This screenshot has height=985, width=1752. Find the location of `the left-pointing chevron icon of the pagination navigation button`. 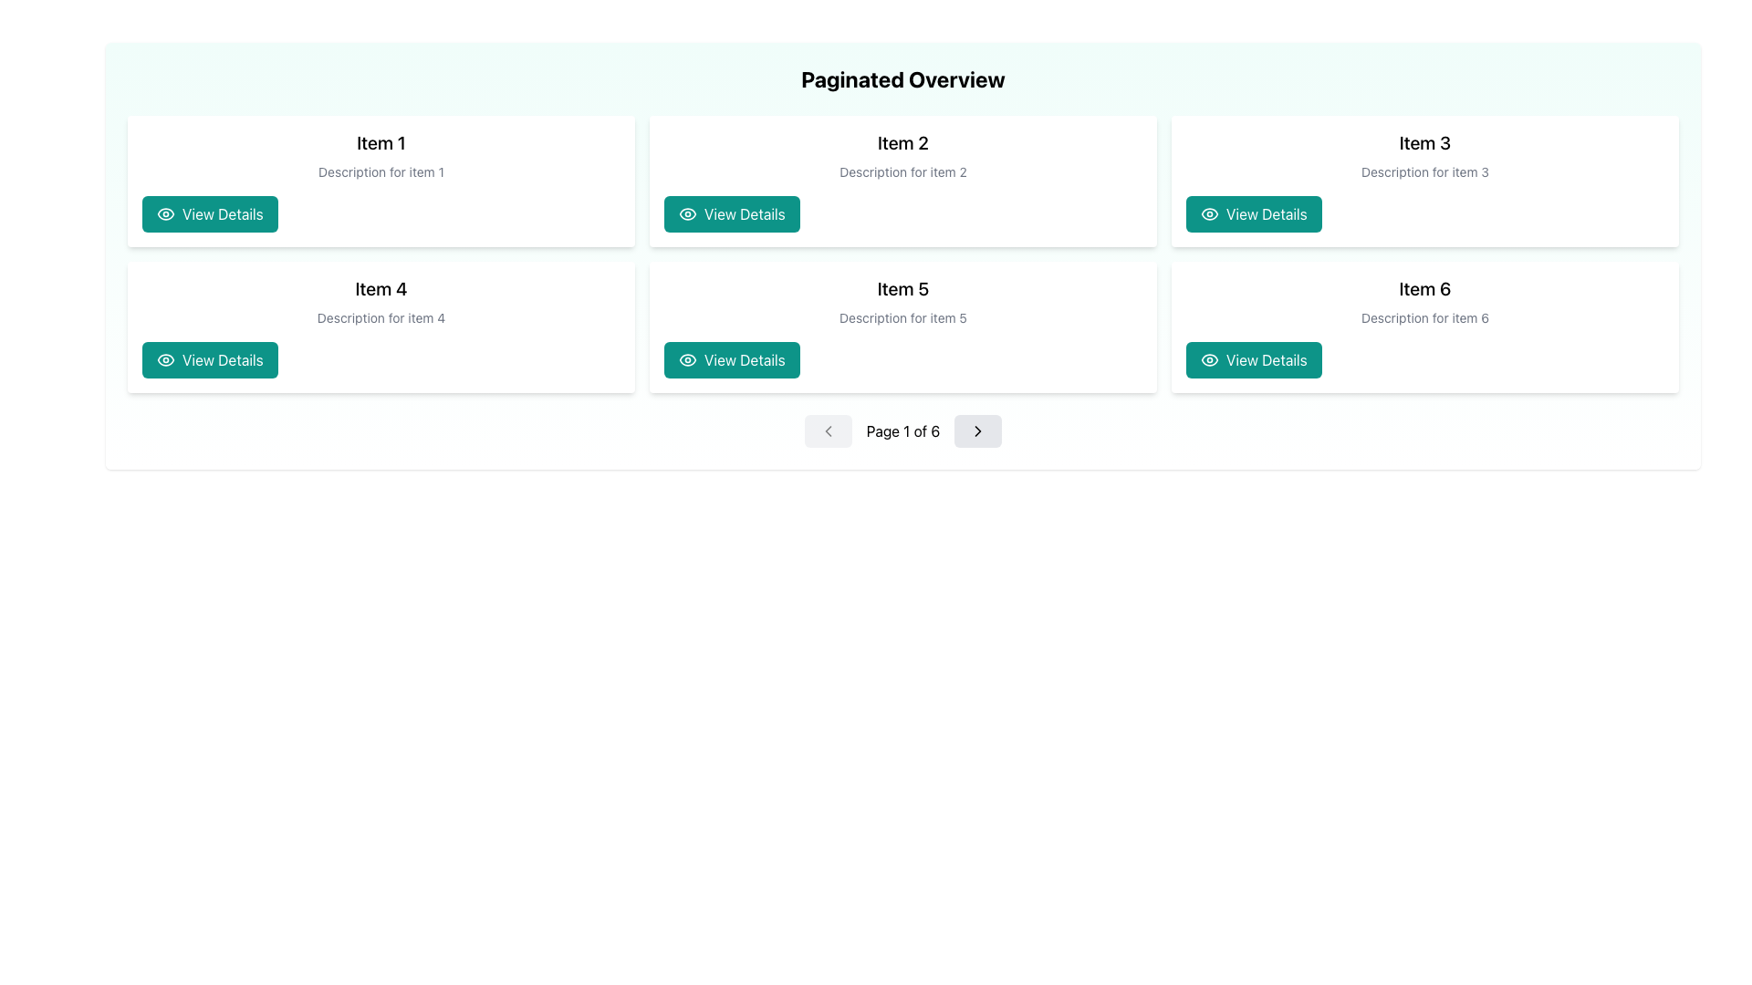

the left-pointing chevron icon of the pagination navigation button is located at coordinates (827, 431).